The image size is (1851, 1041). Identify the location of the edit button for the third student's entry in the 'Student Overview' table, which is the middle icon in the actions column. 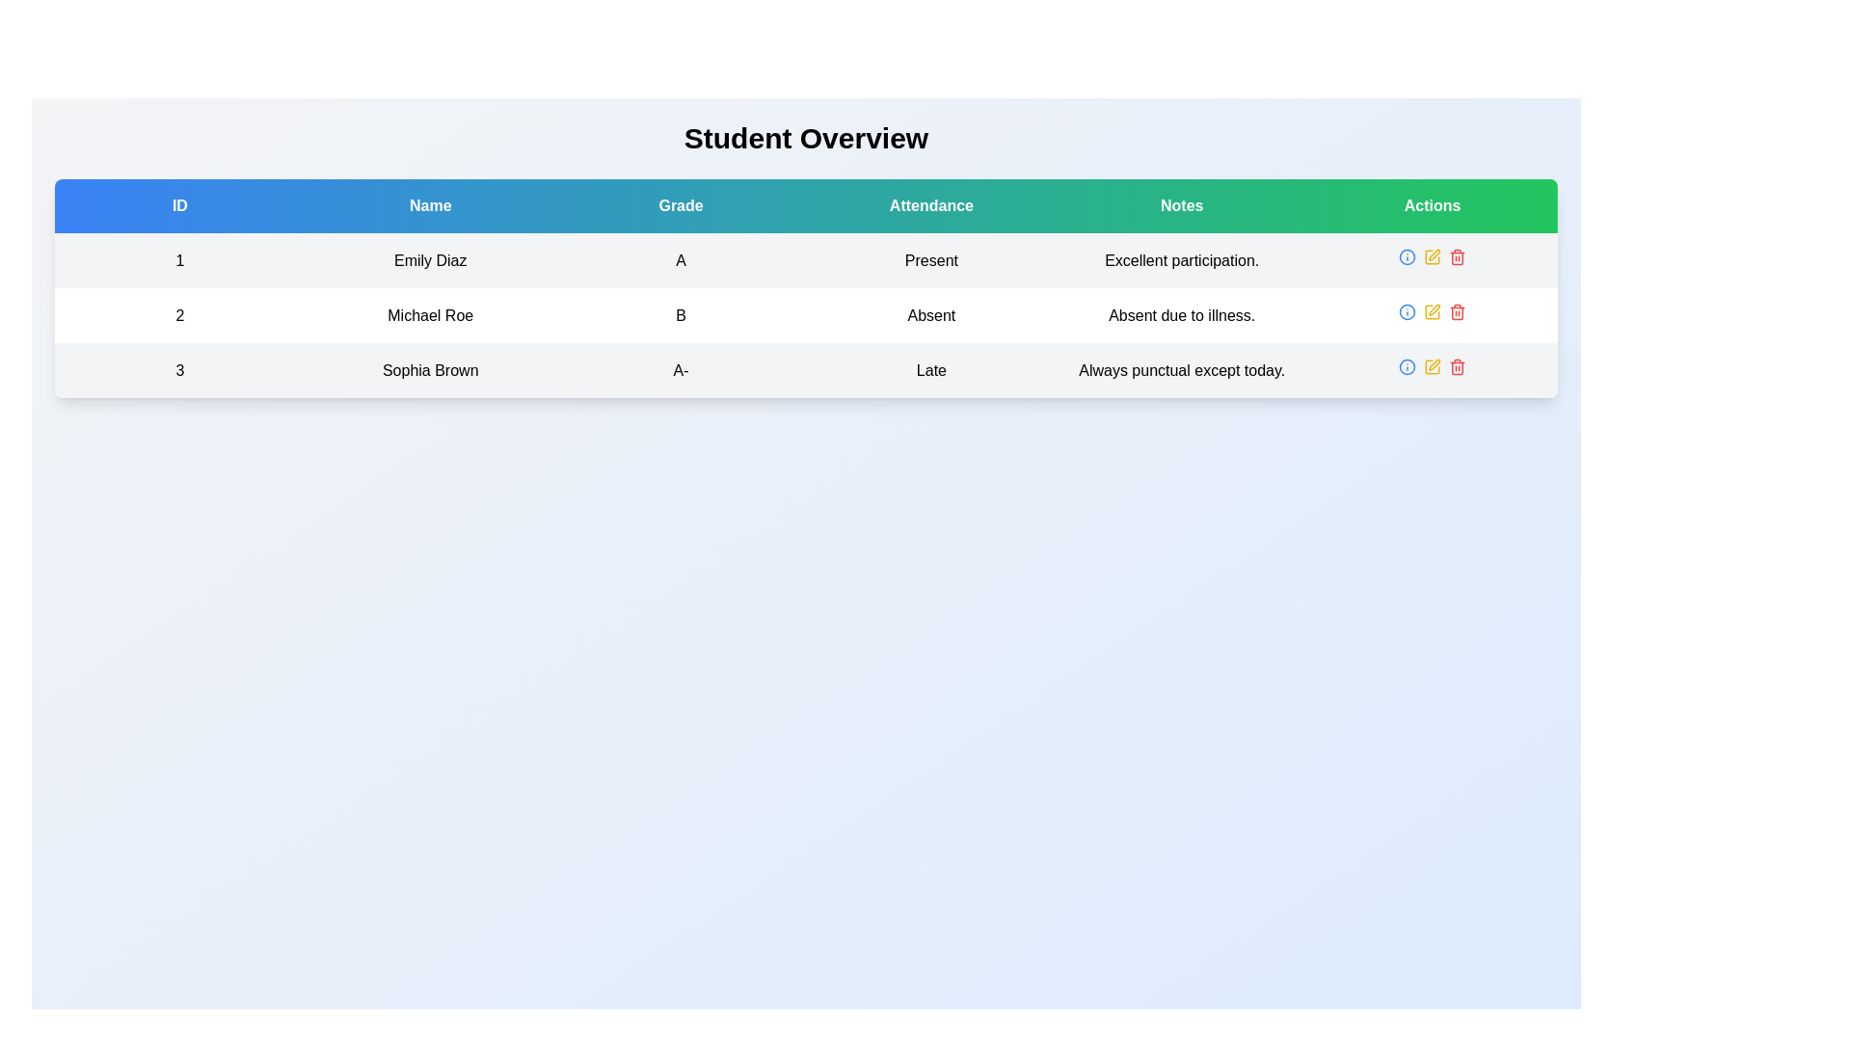
(1433, 367).